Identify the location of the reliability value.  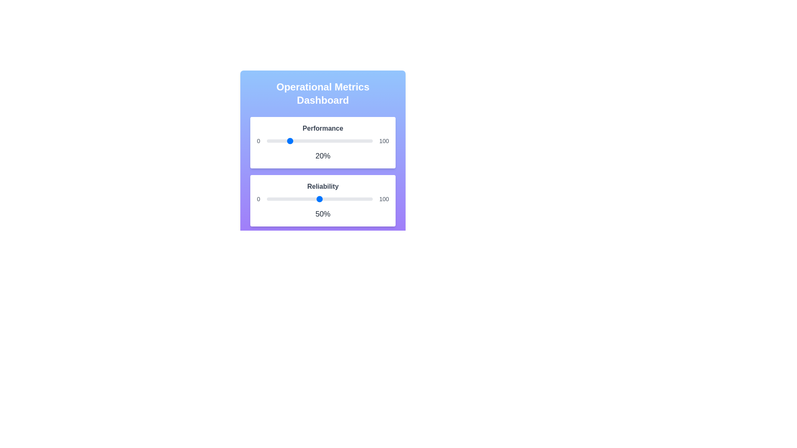
(361, 199).